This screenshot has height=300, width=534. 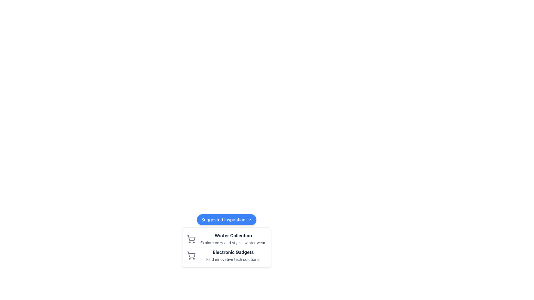 What do you see at coordinates (233, 252) in the screenshot?
I see `the text label that serves as the title for the electronic gadgets section, located directly above the supporting text 'Find innovative tech solutions.'` at bounding box center [233, 252].